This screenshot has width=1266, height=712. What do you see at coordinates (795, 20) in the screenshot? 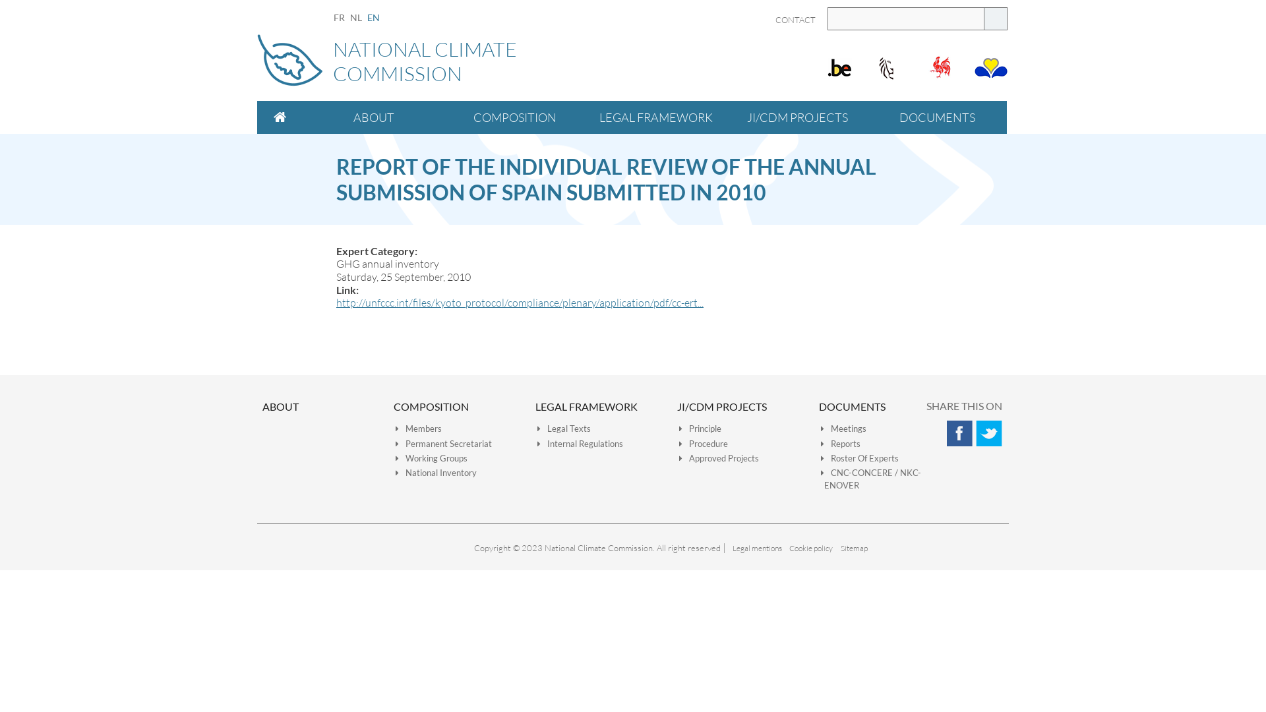
I see `'CONTACT'` at bounding box center [795, 20].